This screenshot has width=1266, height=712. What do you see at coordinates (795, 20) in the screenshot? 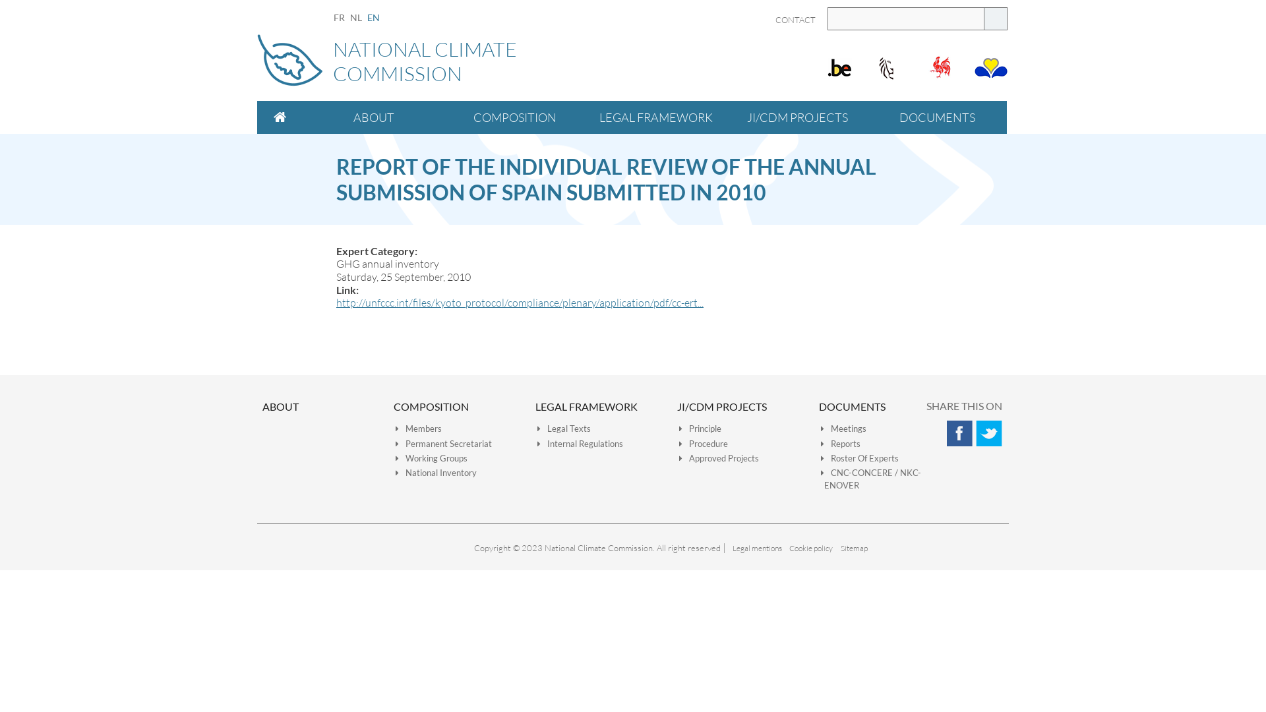
I see `'CONTACT'` at bounding box center [795, 20].